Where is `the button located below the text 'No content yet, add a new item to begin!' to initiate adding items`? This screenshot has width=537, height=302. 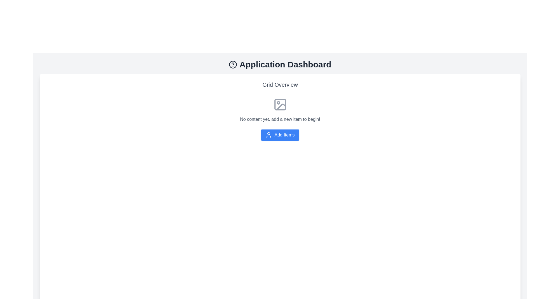
the button located below the text 'No content yet, add a new item to begin!' to initiate adding items is located at coordinates (280, 135).